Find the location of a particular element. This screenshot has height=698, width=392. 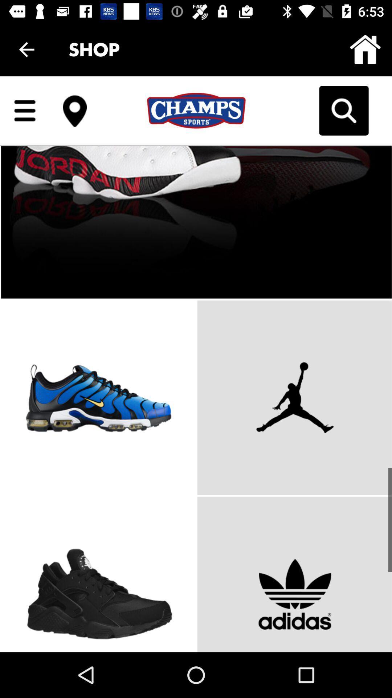

scroll down for more products is located at coordinates (196, 364).